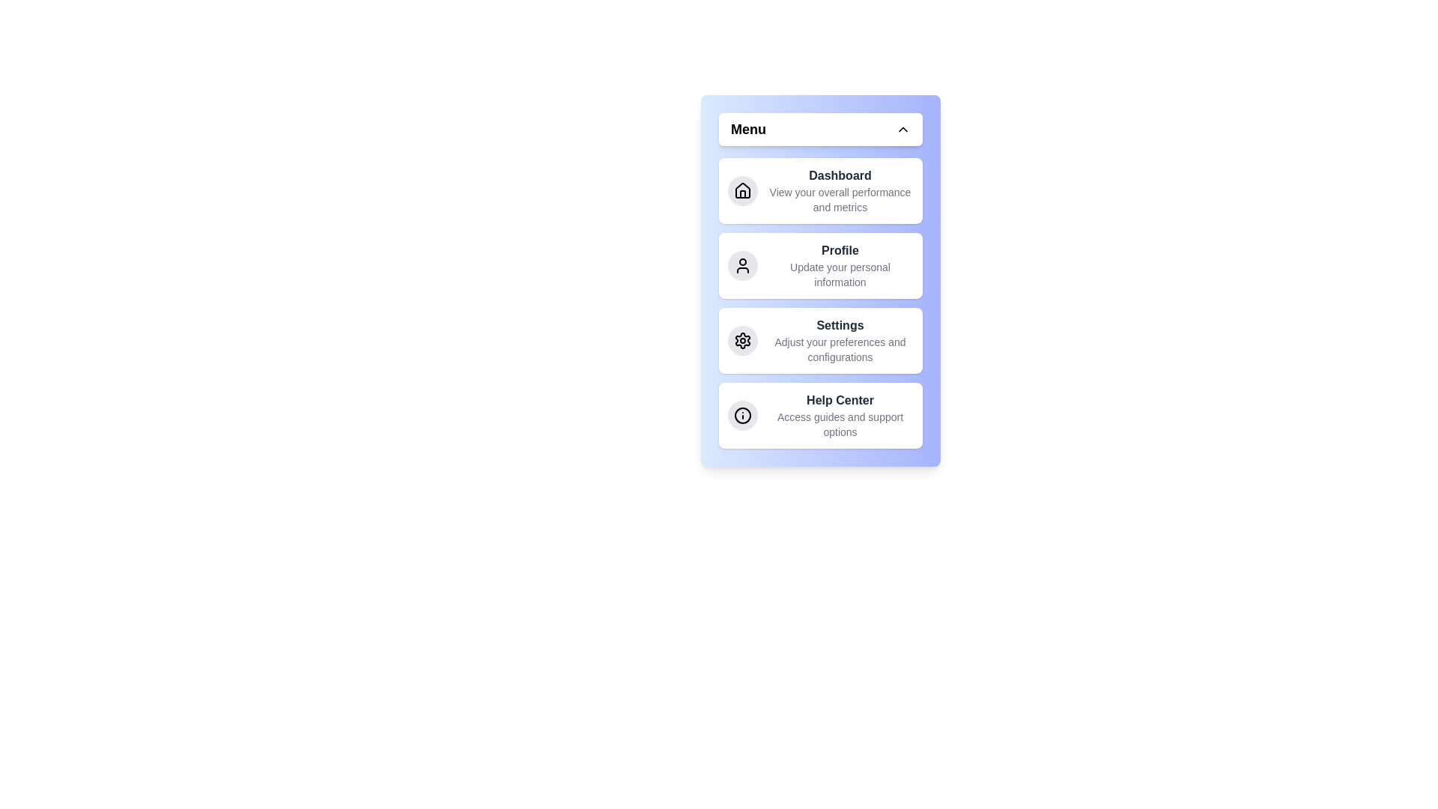 The height and width of the screenshot is (809, 1438). I want to click on the menu item labeled Help Center to navigate to its section, so click(819, 416).